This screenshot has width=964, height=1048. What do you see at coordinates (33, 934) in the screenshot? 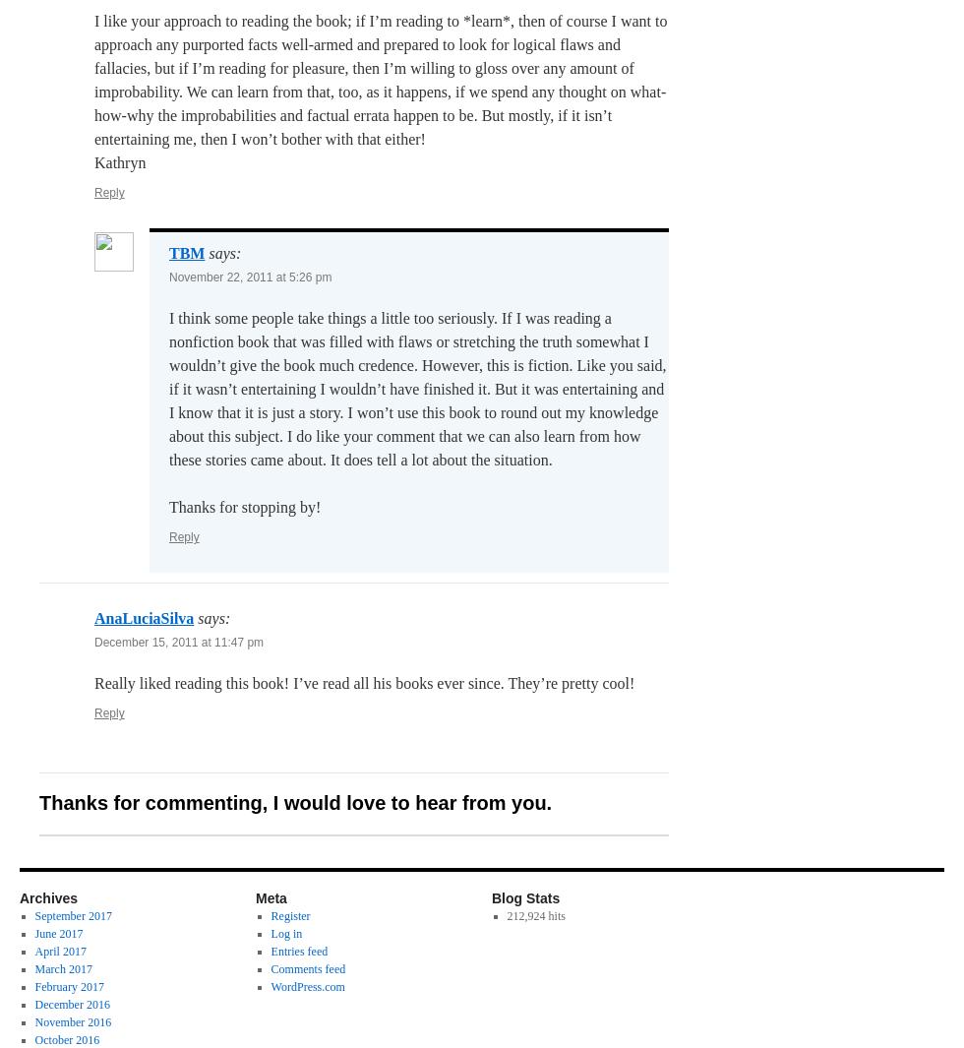
I see `'June 2017'` at bounding box center [33, 934].